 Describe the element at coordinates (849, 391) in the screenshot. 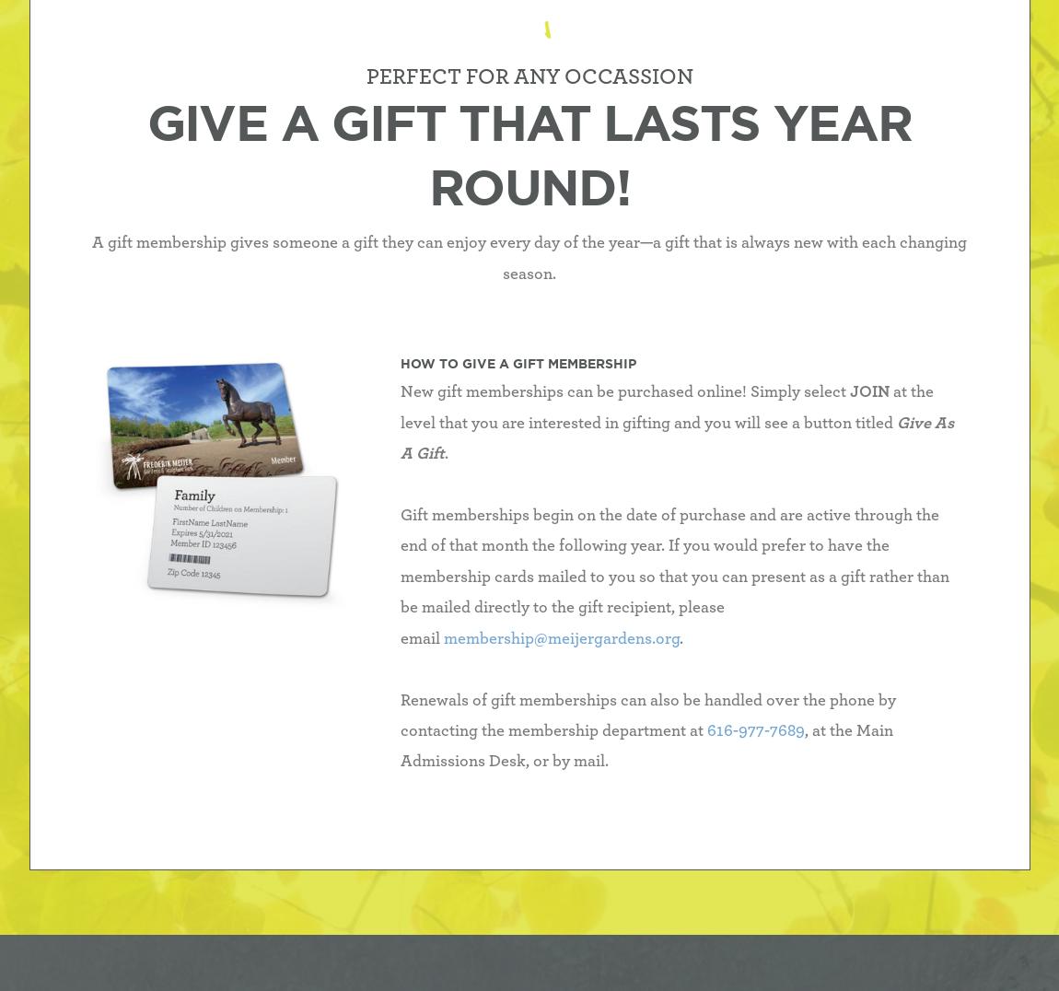

I see `'JOIN'` at that location.